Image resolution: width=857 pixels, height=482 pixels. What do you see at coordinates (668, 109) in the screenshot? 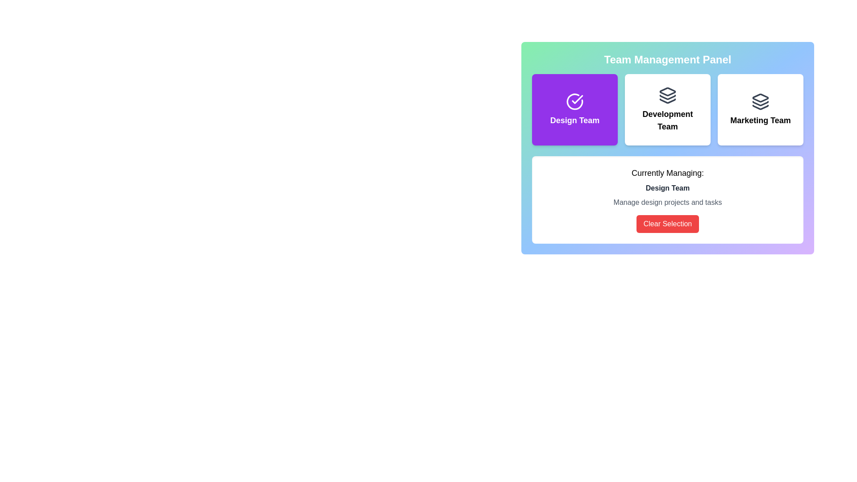
I see `the 'Development Team' button using keyboard navigation` at bounding box center [668, 109].